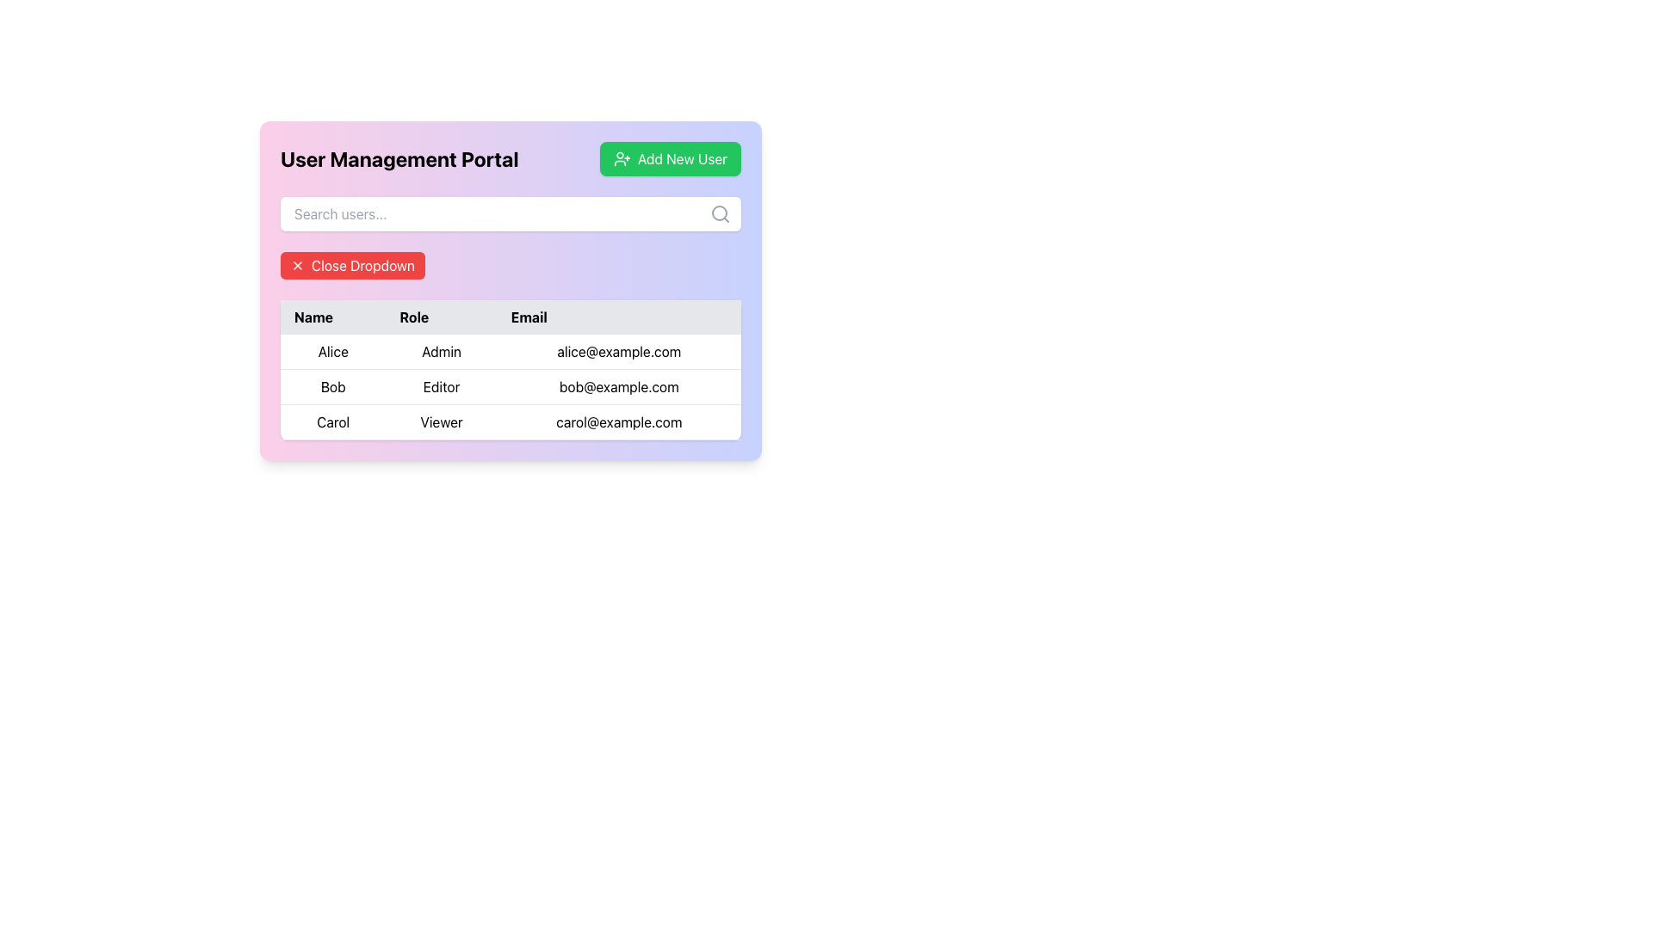  I want to click on the Text Label element displaying 'Bob', which is located in the second row of the table under the 'Name' column, so click(333, 387).